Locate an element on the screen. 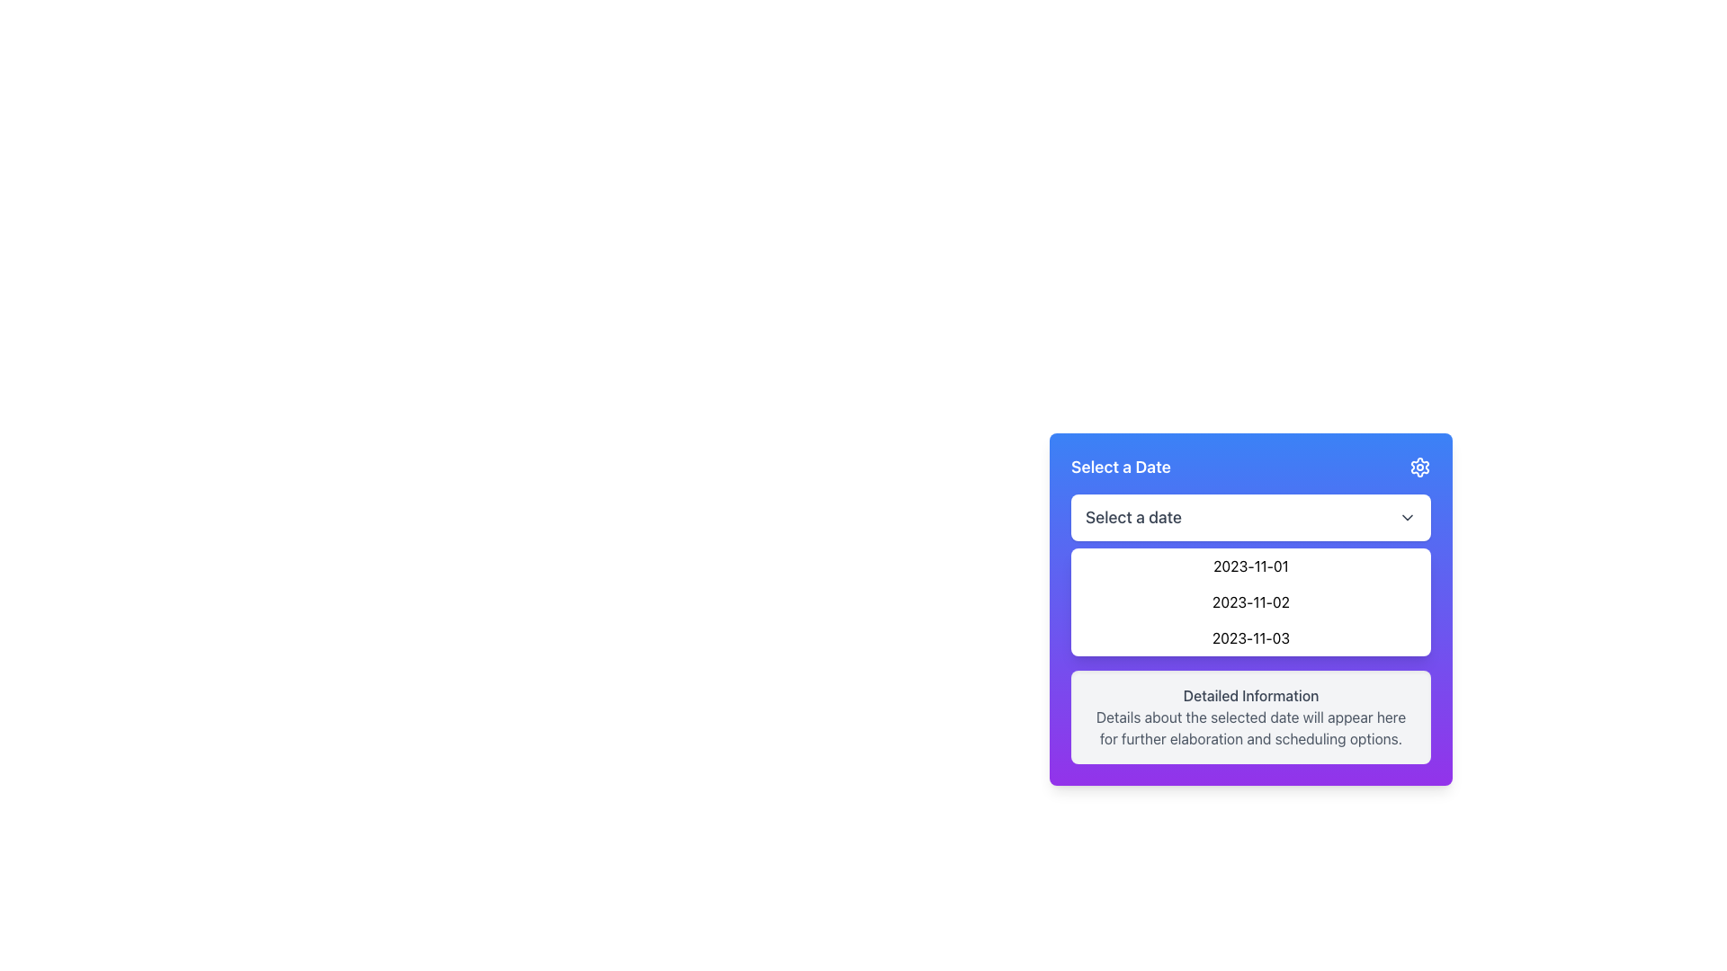 The height and width of the screenshot is (971, 1727). the dropdown menu item displaying the date '2023-11-02' is located at coordinates (1250, 602).